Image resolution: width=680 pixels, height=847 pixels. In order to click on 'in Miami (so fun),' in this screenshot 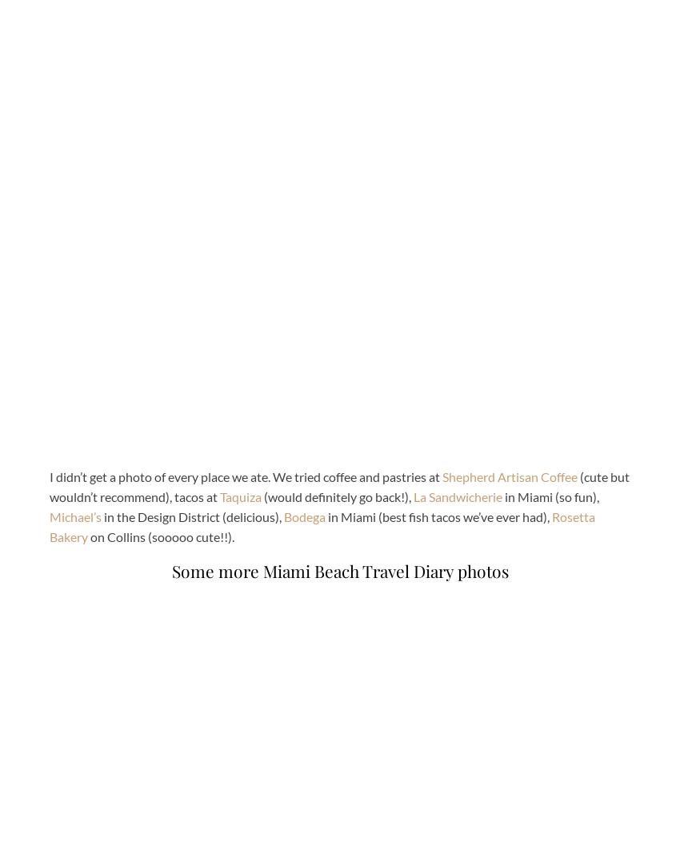, I will do `click(550, 496)`.